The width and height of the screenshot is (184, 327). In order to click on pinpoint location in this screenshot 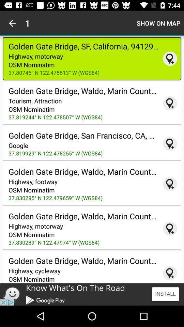, I will do `click(170, 143)`.